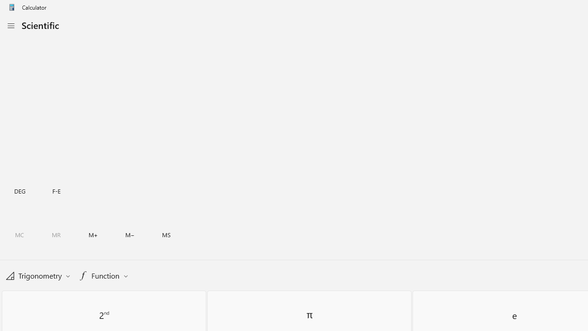  What do you see at coordinates (103, 275) in the screenshot?
I see `'Functions'` at bounding box center [103, 275].